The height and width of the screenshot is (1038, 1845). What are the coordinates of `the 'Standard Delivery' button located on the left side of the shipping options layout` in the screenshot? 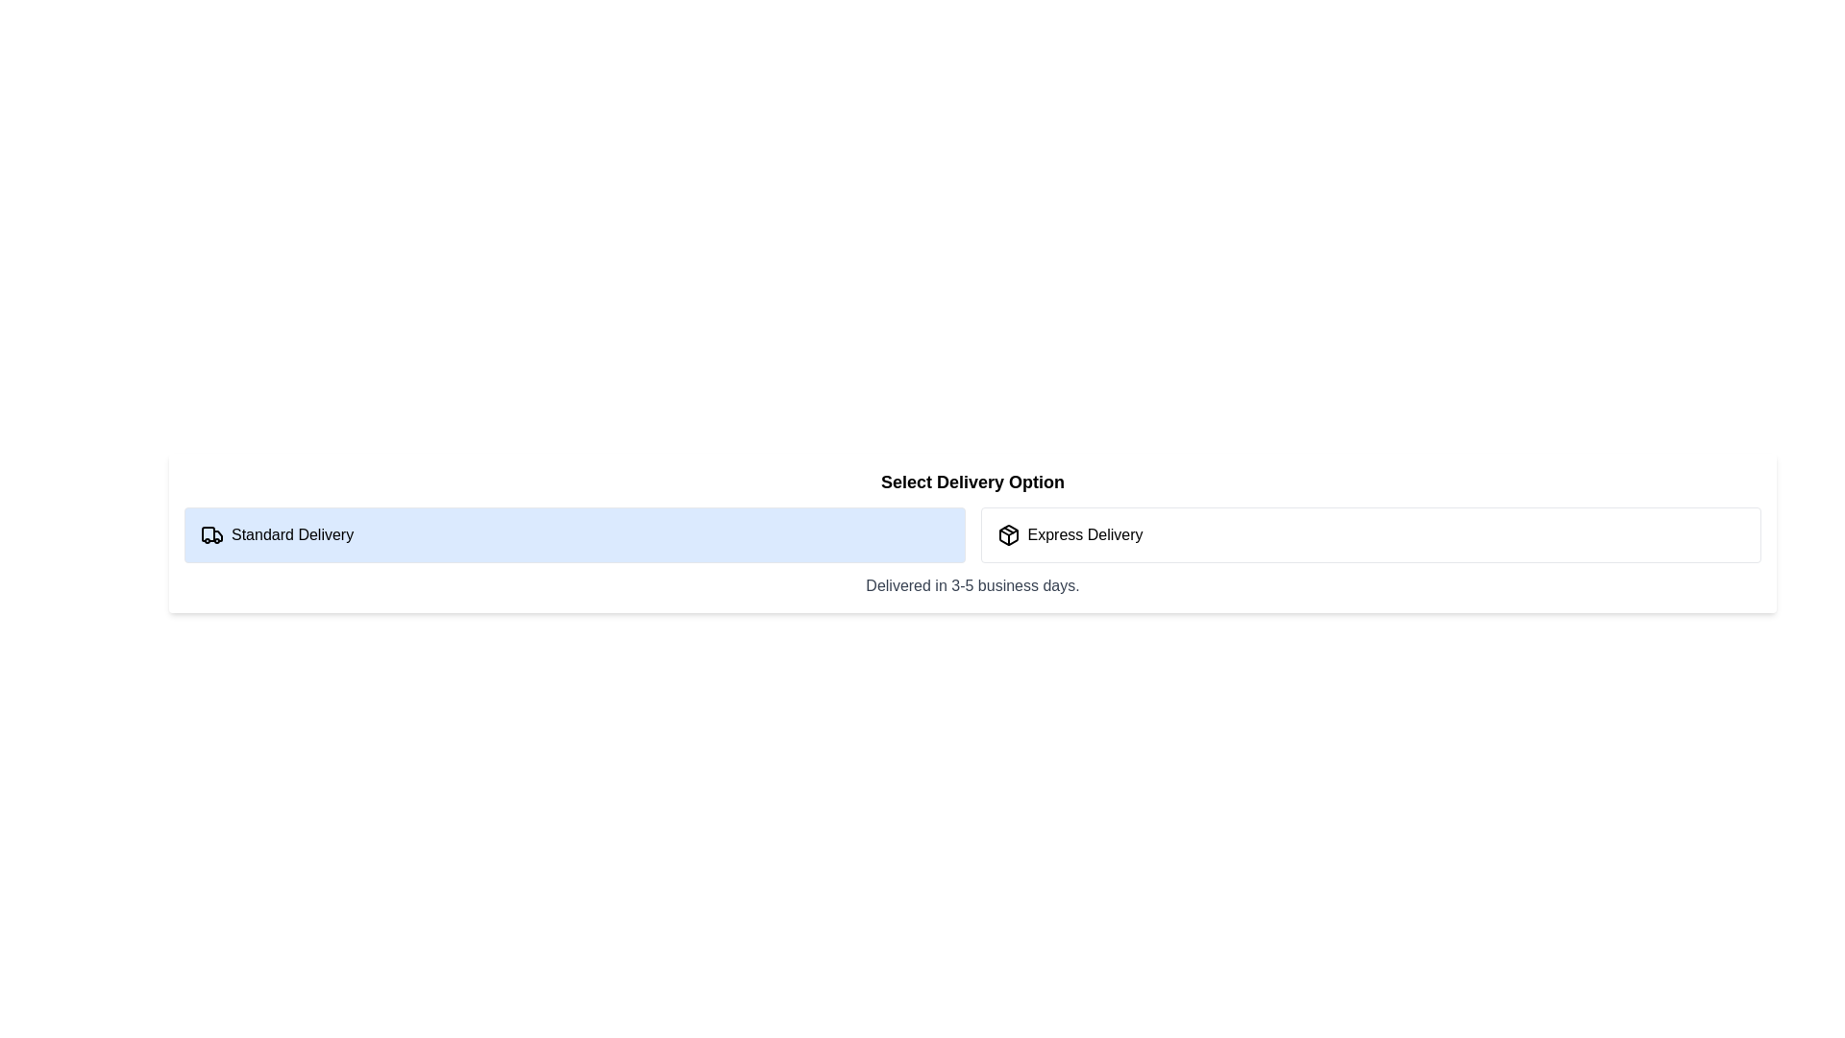 It's located at (574, 534).